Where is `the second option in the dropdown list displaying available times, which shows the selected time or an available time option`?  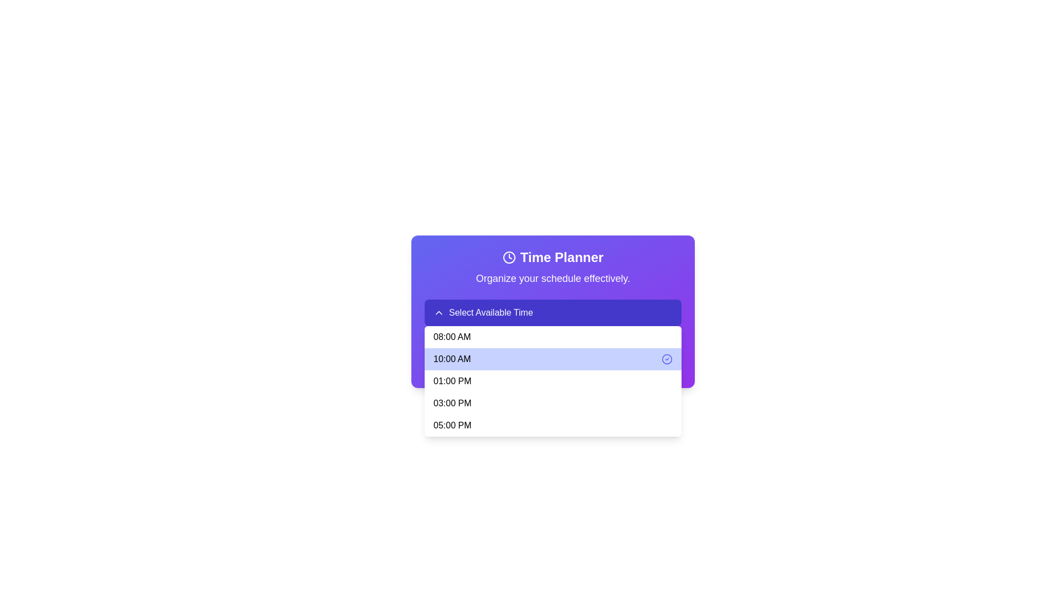 the second option in the dropdown list displaying available times, which shows the selected time or an available time option is located at coordinates (452, 359).